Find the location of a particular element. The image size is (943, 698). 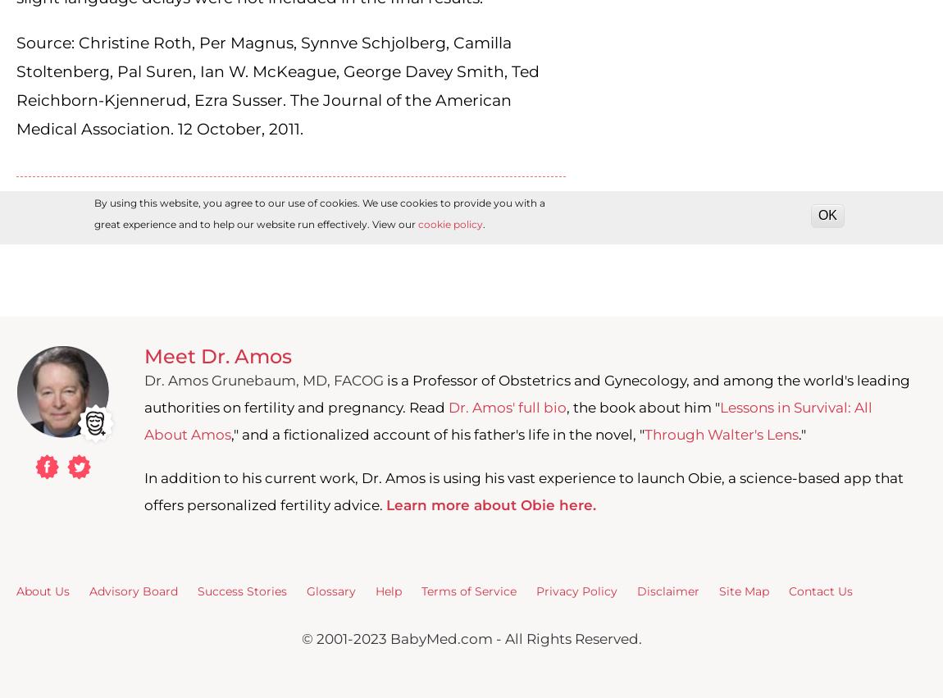

'Disclaimer' is located at coordinates (667, 590).